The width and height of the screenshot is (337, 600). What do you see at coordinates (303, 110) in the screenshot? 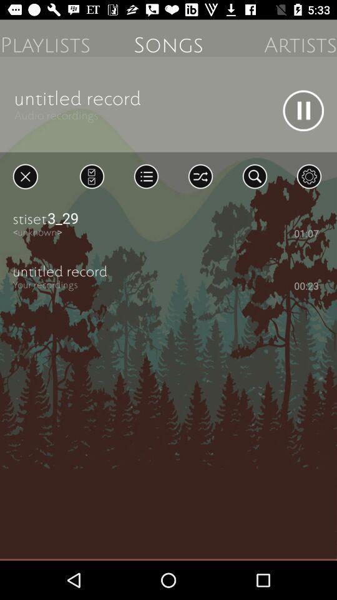
I see `pause button` at bounding box center [303, 110].